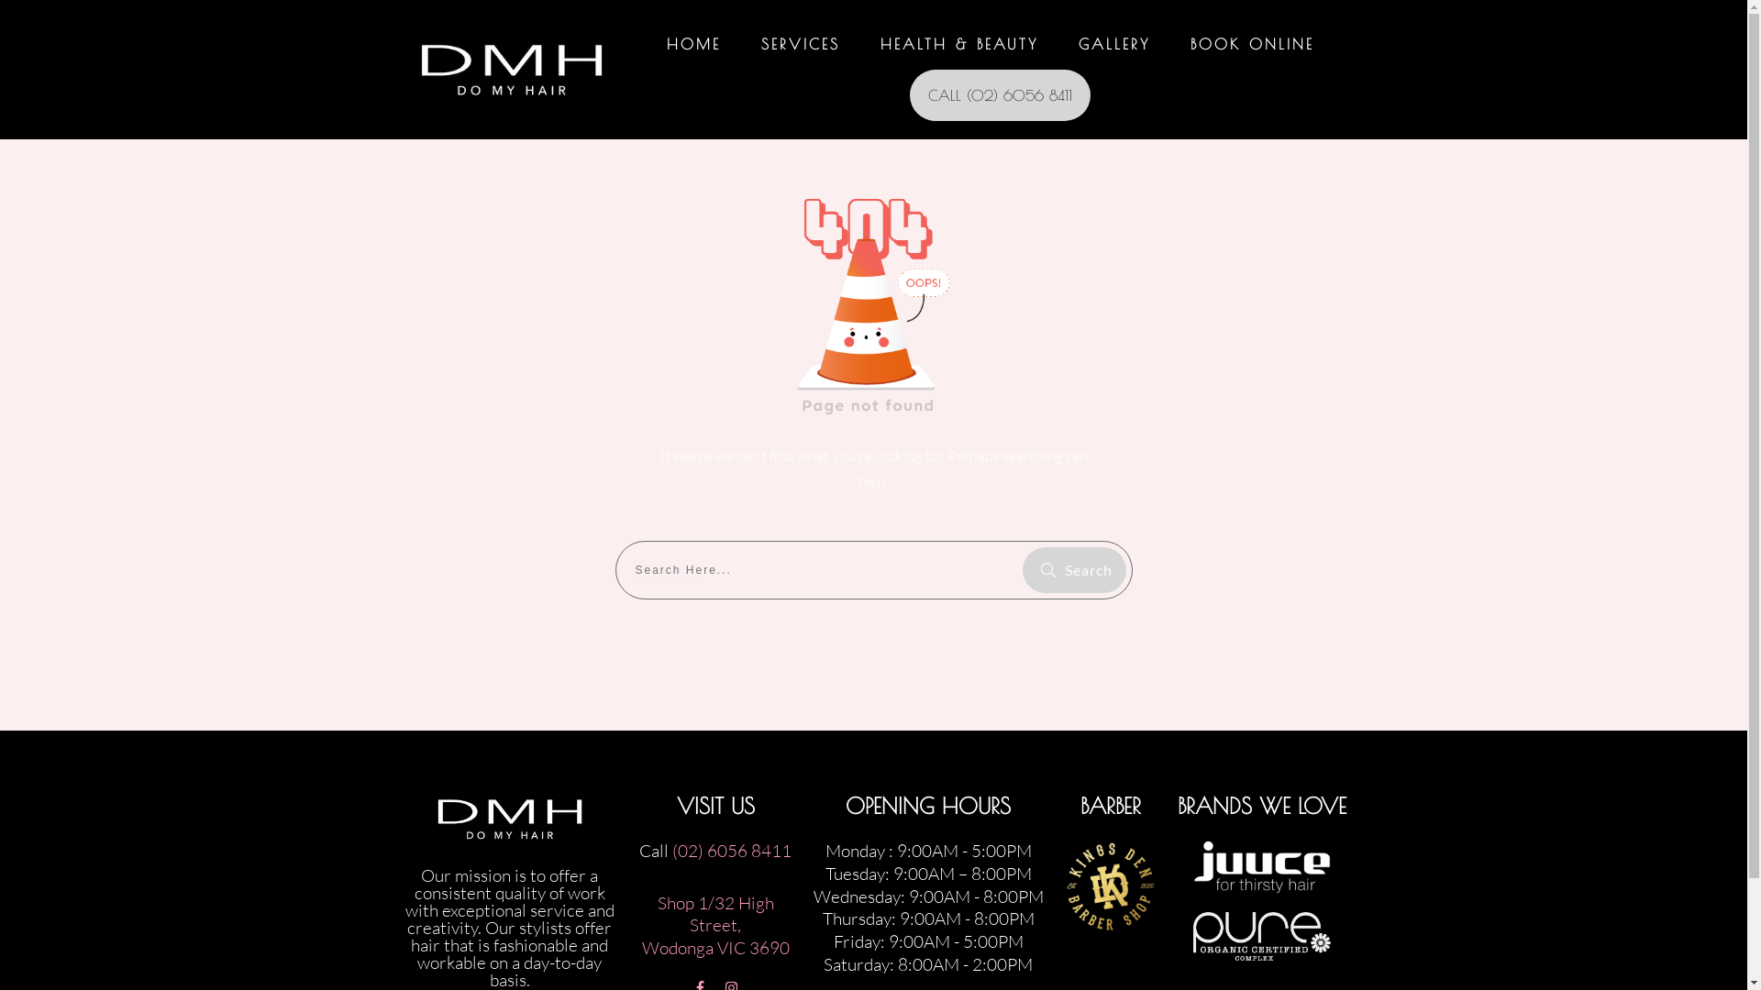  I want to click on 'kings-den-barber-shop-wodonga', so click(1065, 885).